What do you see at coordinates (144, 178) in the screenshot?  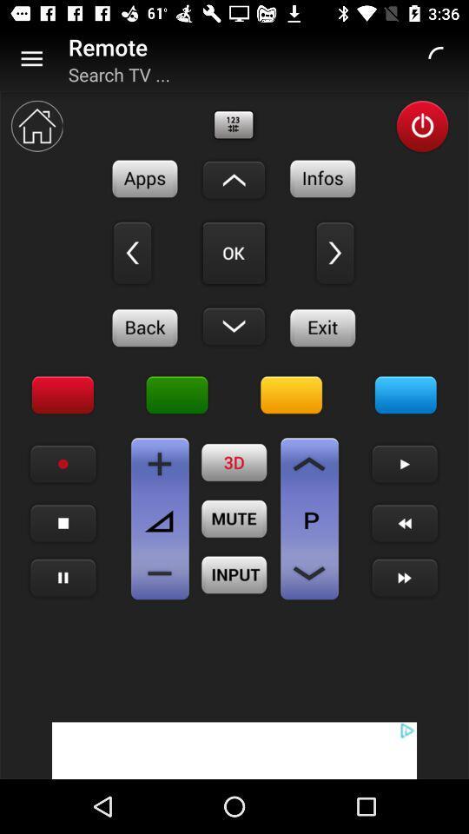 I see `see apps on remote` at bounding box center [144, 178].